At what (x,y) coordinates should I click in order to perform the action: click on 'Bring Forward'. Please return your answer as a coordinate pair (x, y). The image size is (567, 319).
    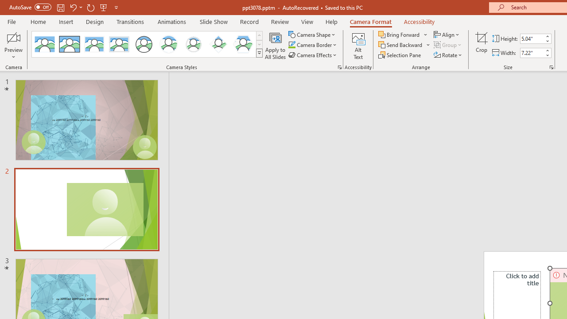
    Looking at the image, I should click on (399, 34).